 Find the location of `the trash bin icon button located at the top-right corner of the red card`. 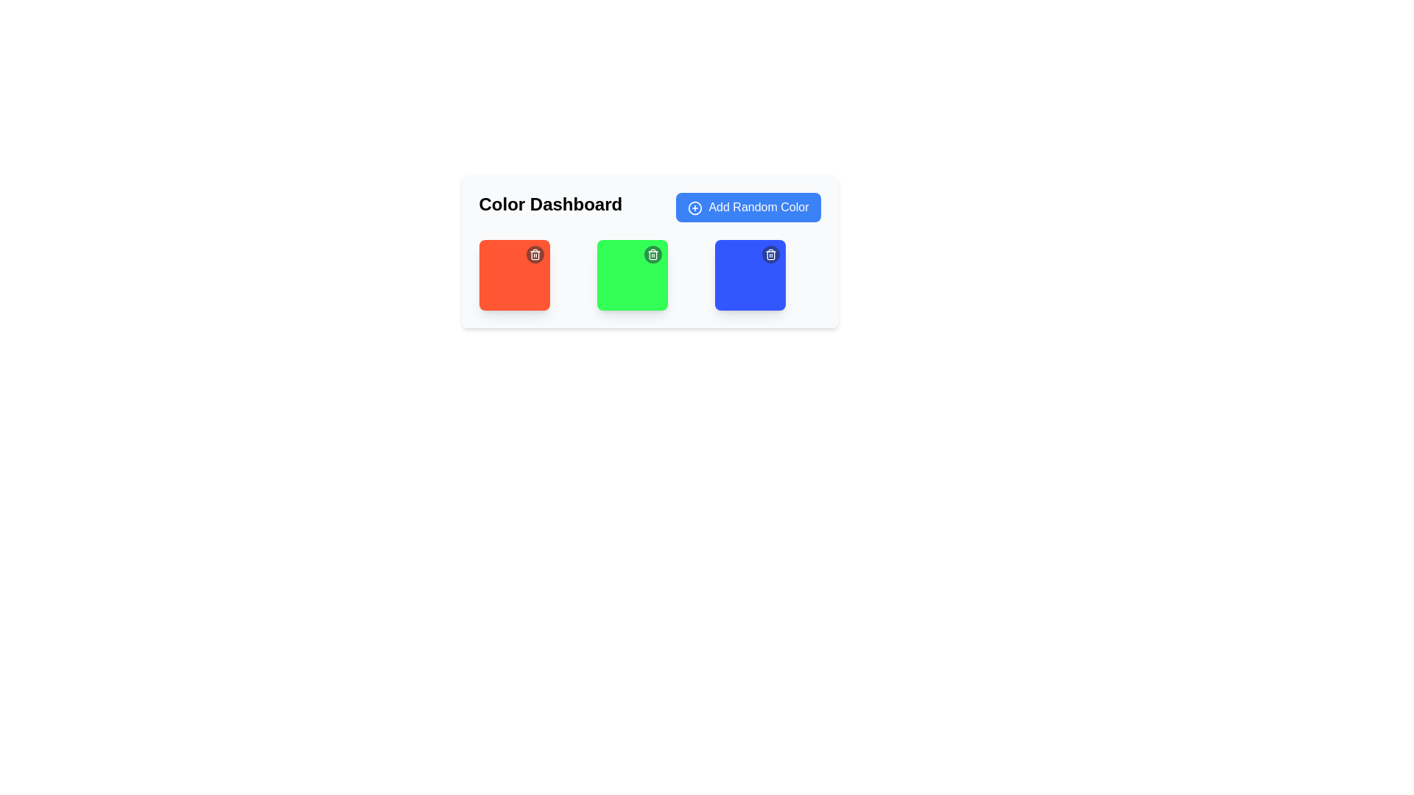

the trash bin icon button located at the top-right corner of the red card is located at coordinates (534, 254).